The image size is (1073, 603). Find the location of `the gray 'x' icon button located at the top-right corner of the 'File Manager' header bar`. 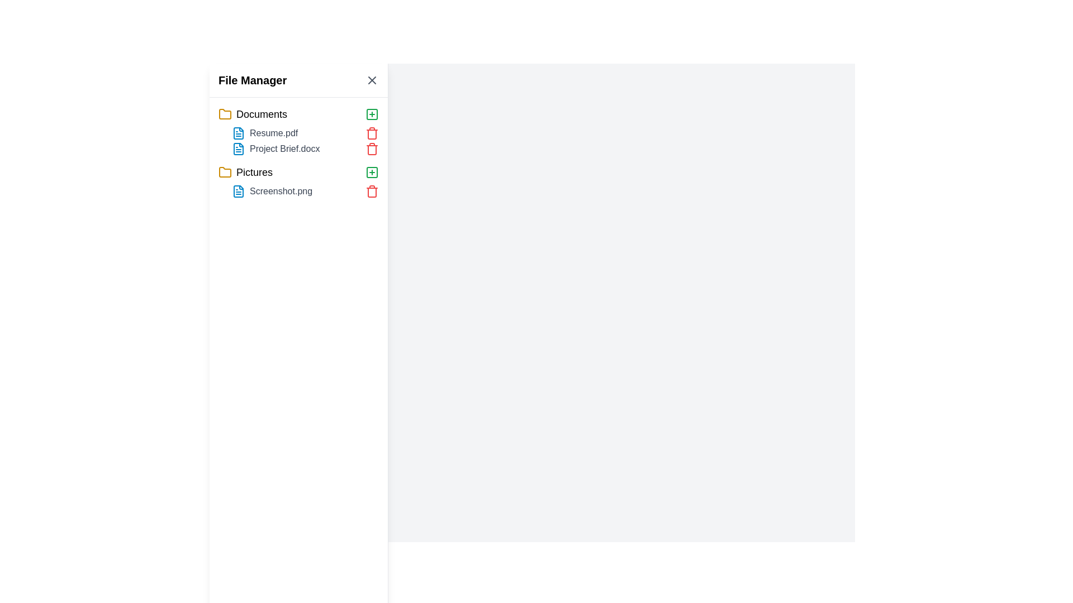

the gray 'x' icon button located at the top-right corner of the 'File Manager' header bar is located at coordinates (372, 79).